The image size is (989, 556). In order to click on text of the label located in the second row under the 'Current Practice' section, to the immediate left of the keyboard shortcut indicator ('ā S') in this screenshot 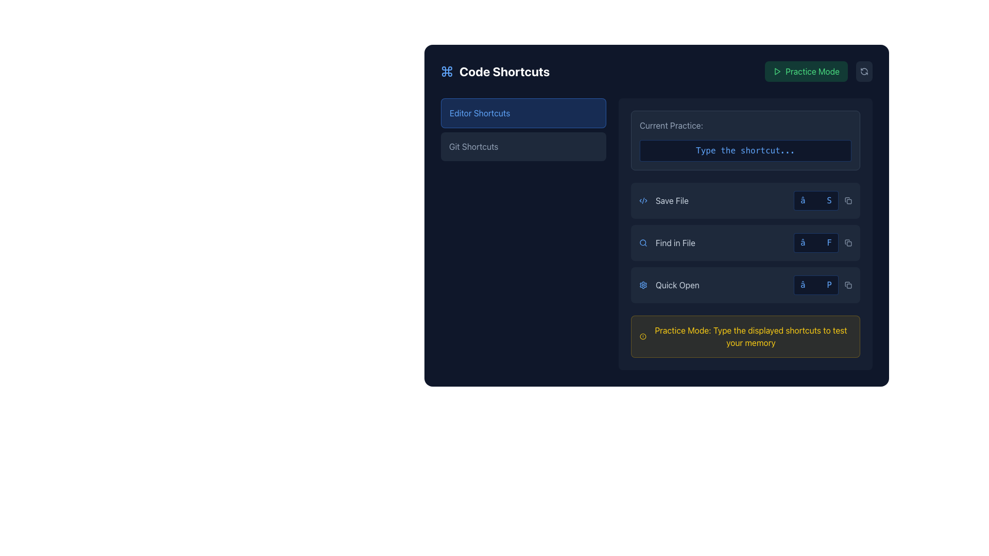, I will do `click(672, 200)`.